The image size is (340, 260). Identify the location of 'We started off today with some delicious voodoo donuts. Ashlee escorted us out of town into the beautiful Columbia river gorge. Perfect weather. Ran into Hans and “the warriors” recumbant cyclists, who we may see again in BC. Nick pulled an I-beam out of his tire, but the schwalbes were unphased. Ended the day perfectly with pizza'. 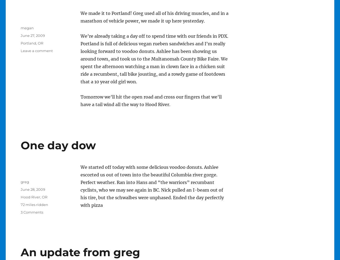
(152, 186).